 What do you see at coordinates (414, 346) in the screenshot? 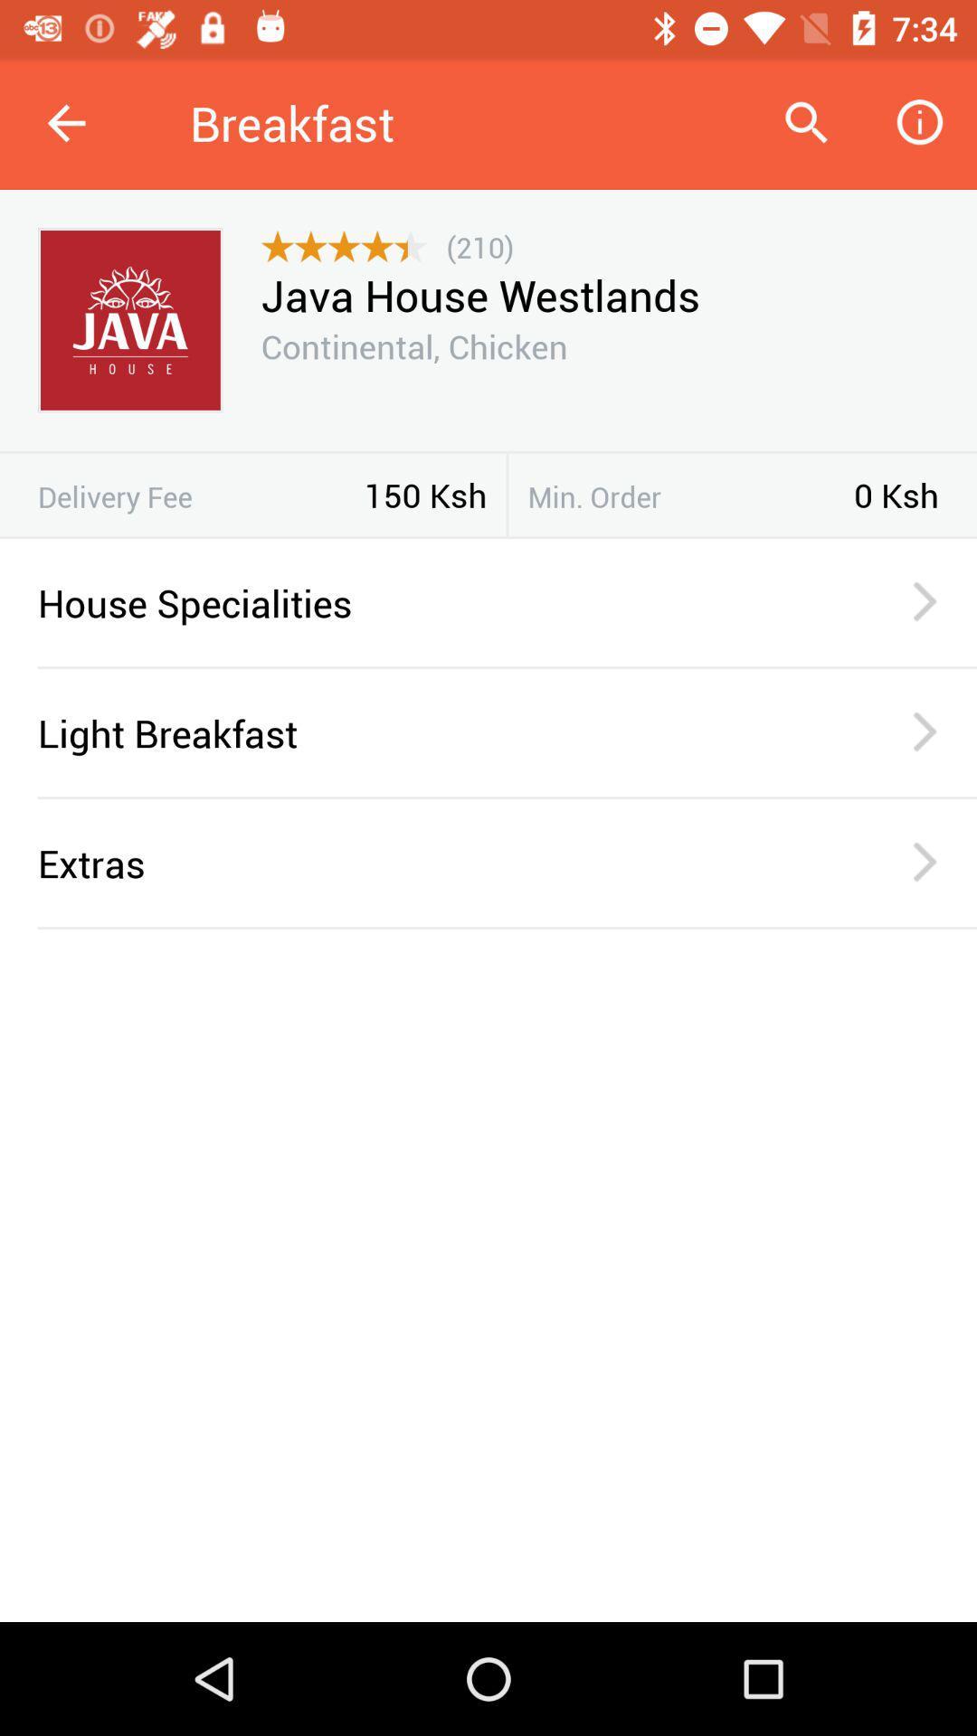
I see `the item below the java house westlands` at bounding box center [414, 346].